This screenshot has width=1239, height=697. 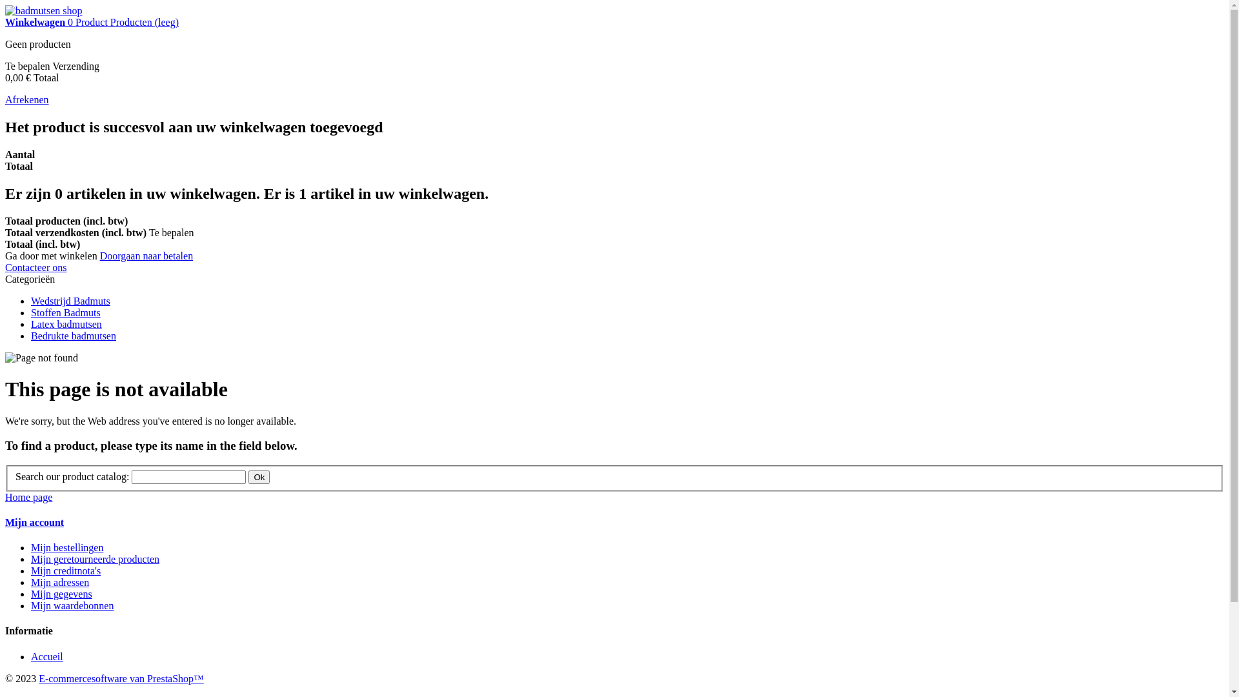 What do you see at coordinates (5, 521) in the screenshot?
I see `'Mijn account'` at bounding box center [5, 521].